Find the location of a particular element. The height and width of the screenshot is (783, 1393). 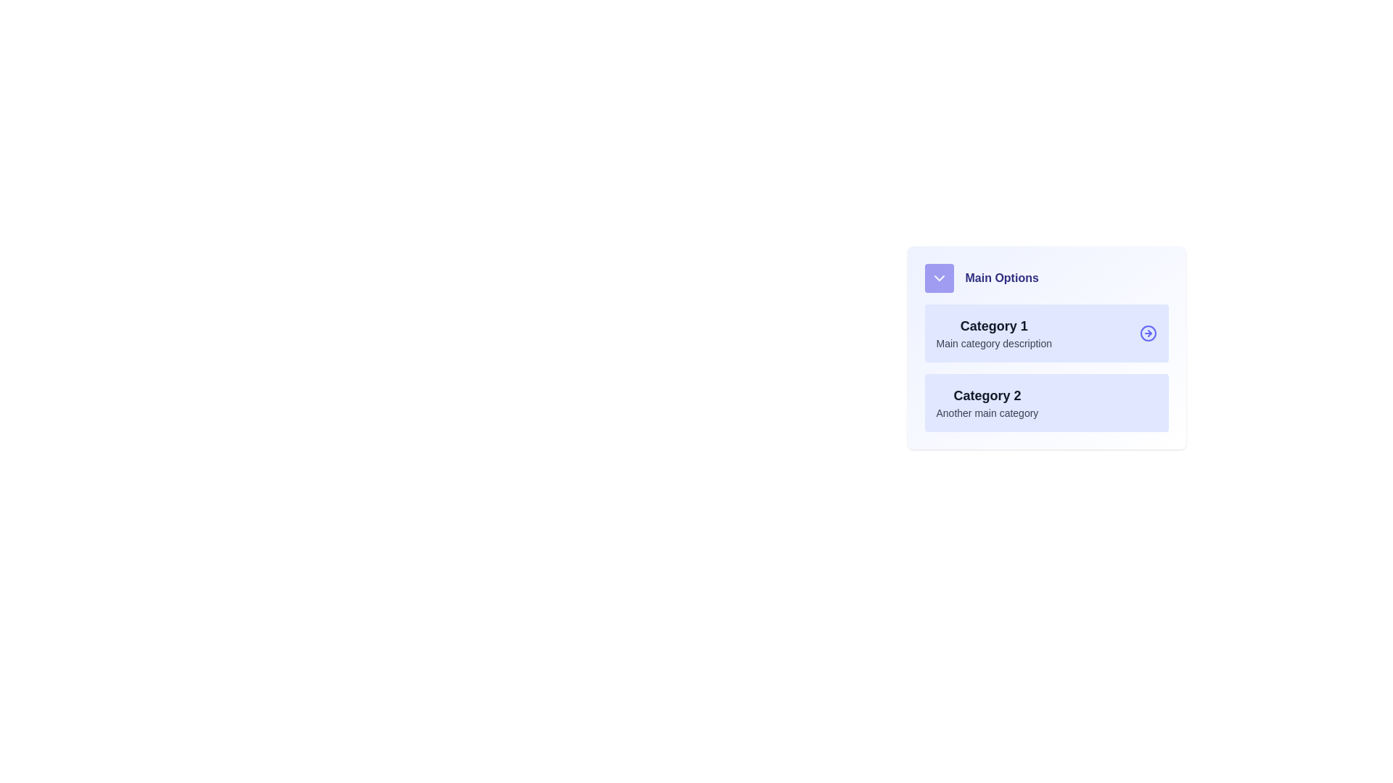

the second selectable item in the 'Main Options' section is located at coordinates (987, 402).